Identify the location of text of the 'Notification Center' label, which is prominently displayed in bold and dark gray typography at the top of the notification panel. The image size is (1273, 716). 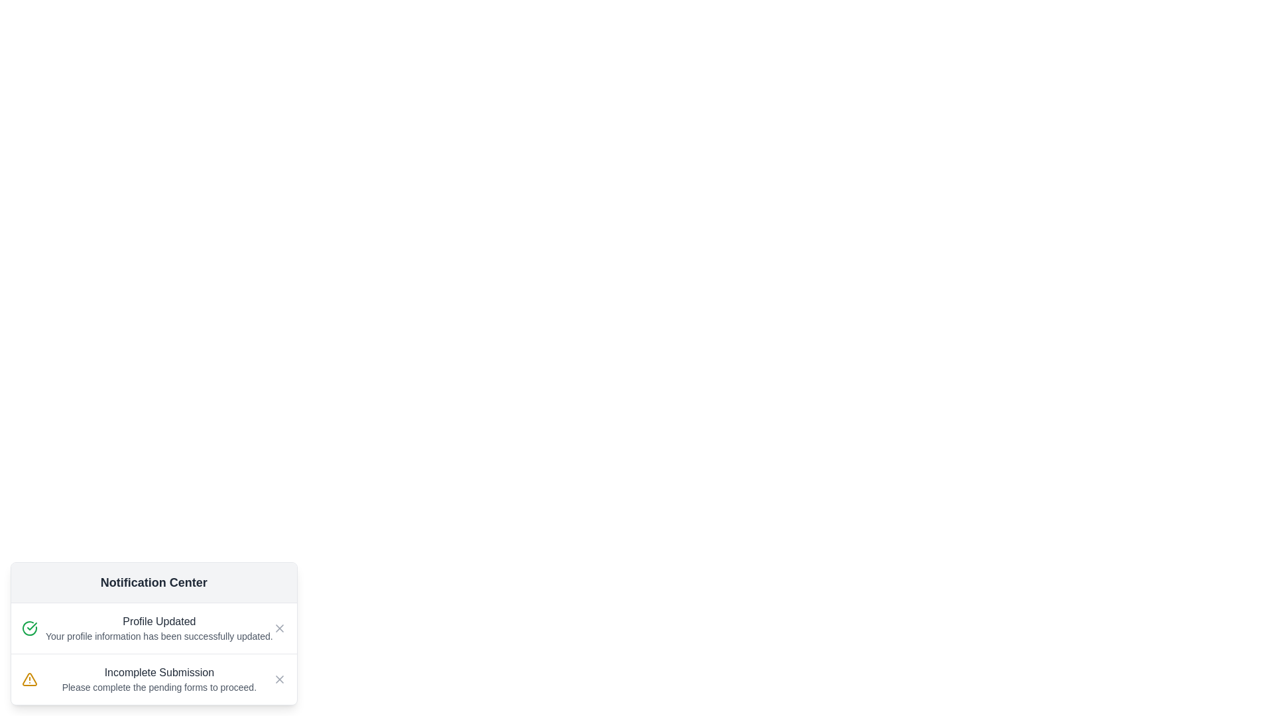
(154, 582).